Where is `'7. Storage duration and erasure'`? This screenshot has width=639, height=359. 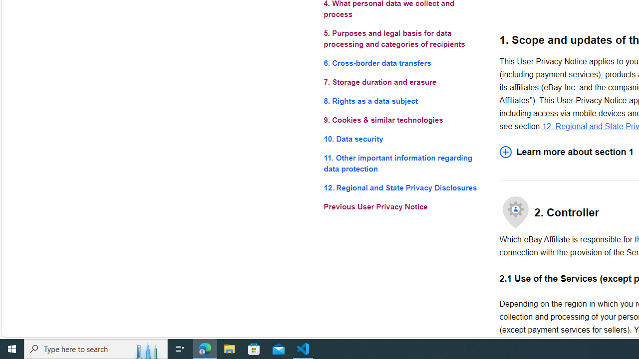
'7. Storage duration and erasure' is located at coordinates (403, 81).